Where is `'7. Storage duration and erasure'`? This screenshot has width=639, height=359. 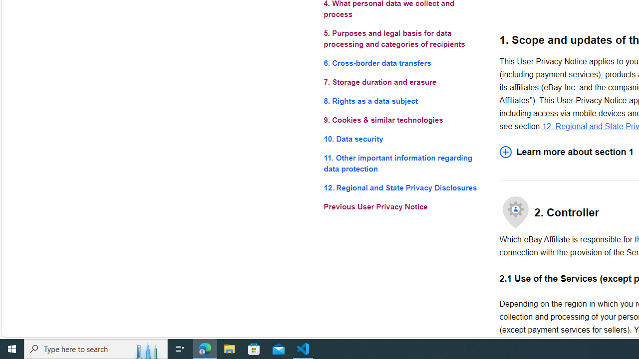
'7. Storage duration and erasure' is located at coordinates (403, 81).